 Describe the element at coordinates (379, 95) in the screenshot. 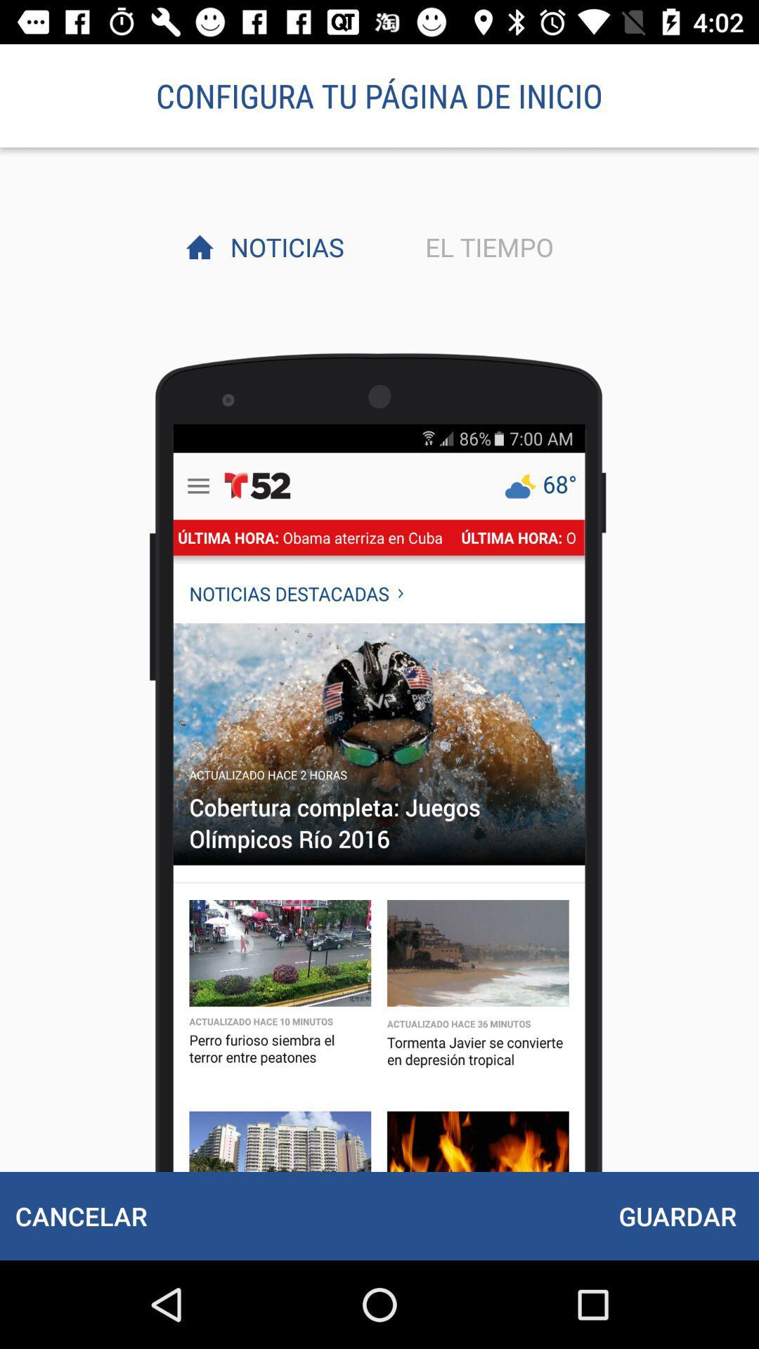

I see `icon above noticias icon` at that location.